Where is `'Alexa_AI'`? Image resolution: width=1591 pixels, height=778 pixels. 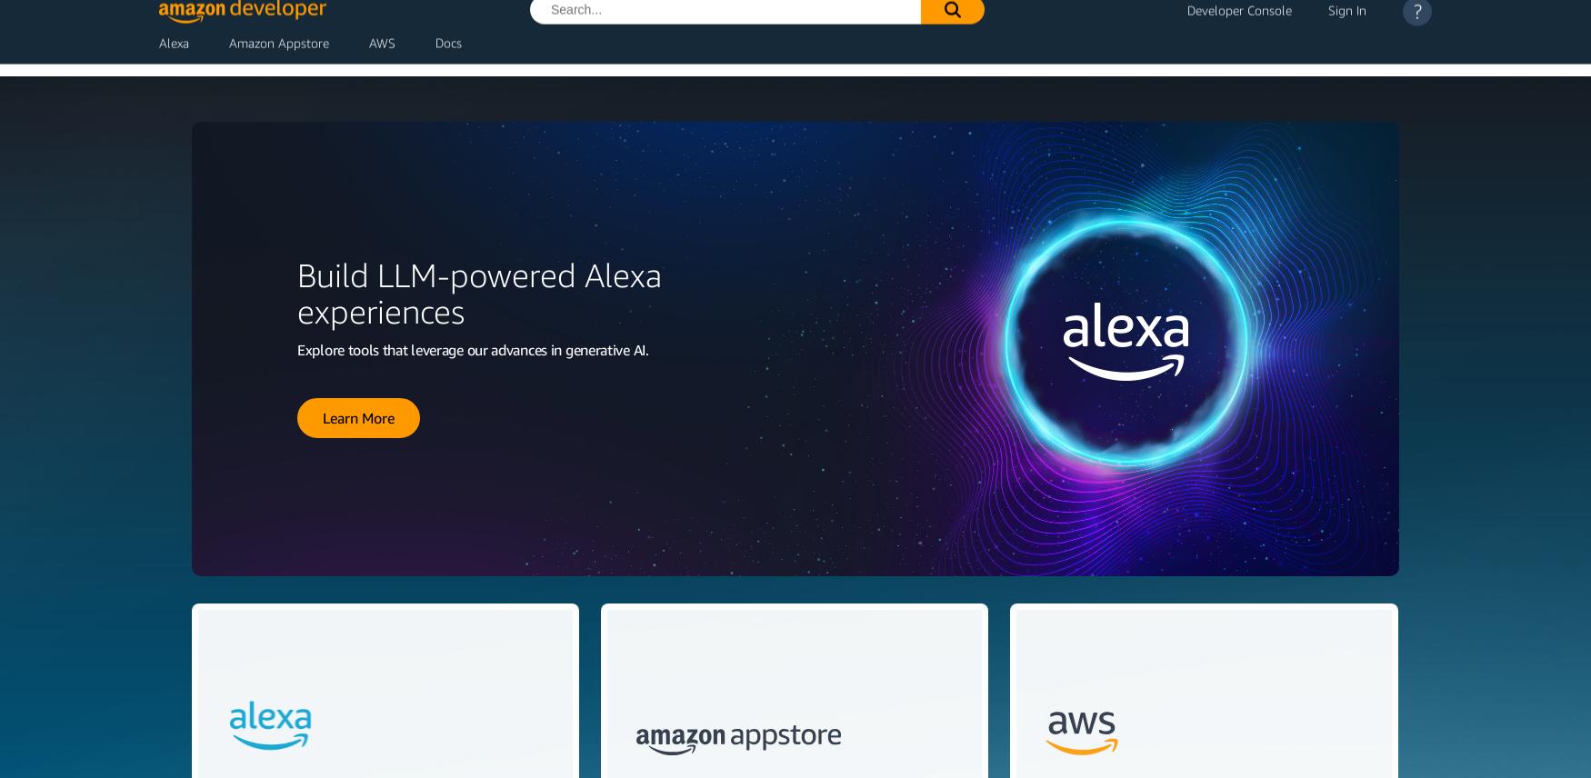
'Alexa_AI' is located at coordinates (357, 272).